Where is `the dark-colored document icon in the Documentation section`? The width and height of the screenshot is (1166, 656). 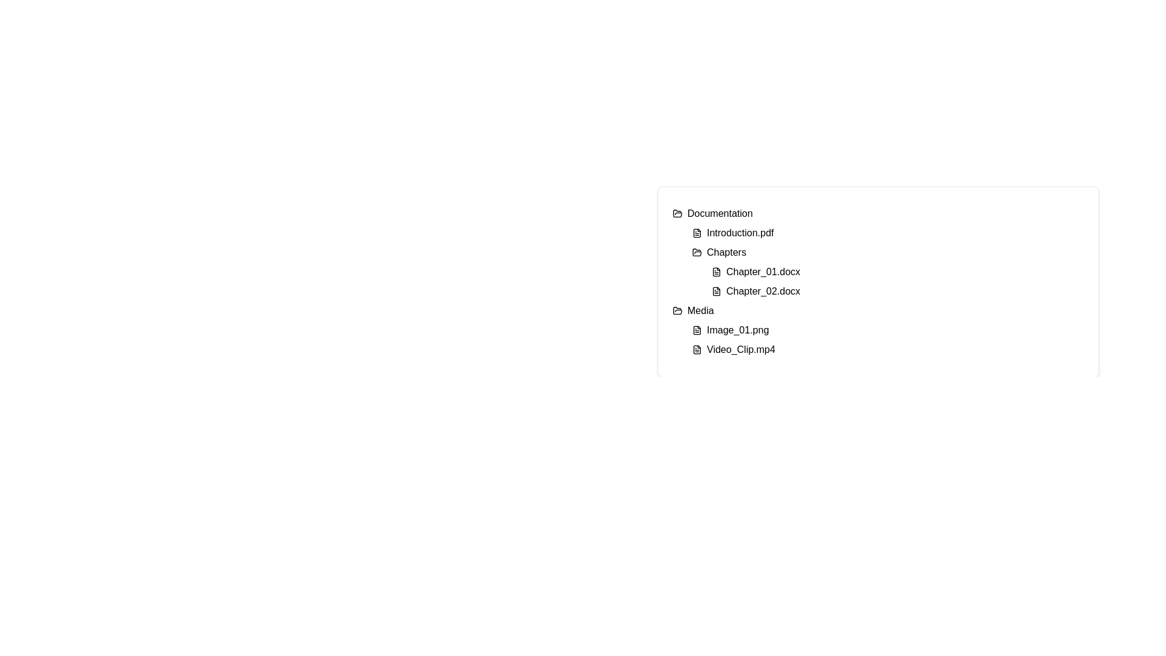
the dark-colored document icon in the Documentation section is located at coordinates (717, 271).